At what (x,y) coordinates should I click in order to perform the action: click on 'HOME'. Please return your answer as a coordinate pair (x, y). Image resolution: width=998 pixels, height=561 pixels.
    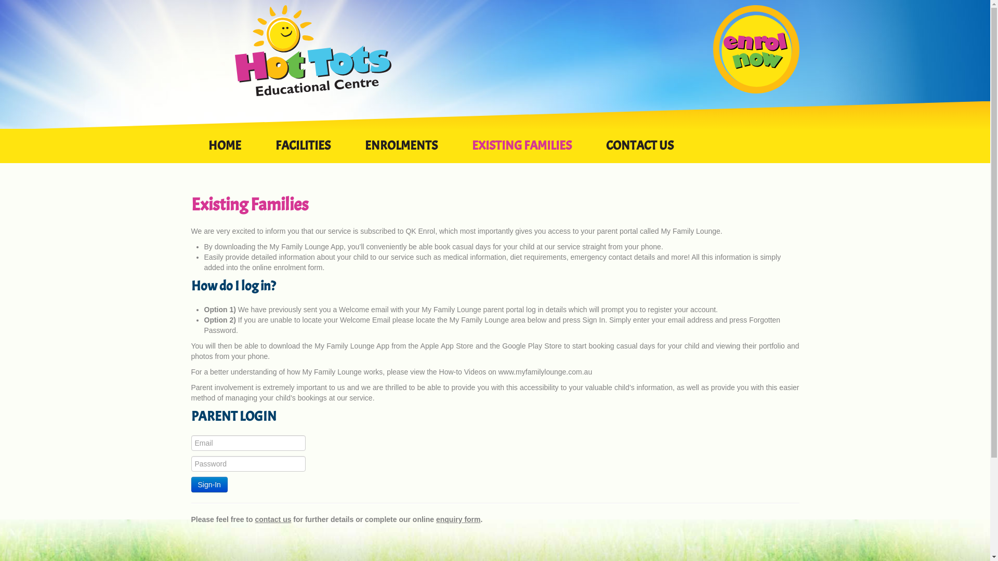
    Looking at the image, I should click on (191, 151).